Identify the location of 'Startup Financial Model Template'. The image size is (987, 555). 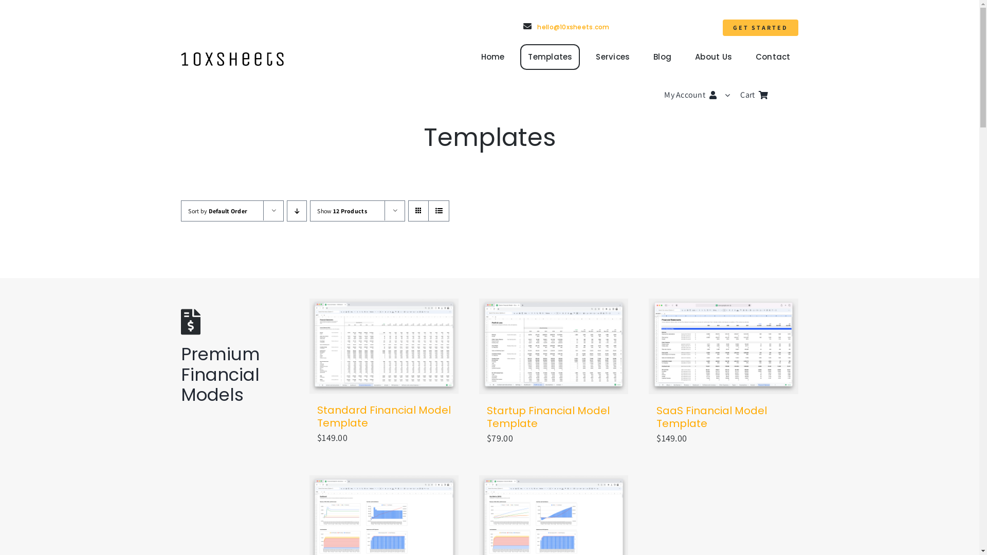
(547, 417).